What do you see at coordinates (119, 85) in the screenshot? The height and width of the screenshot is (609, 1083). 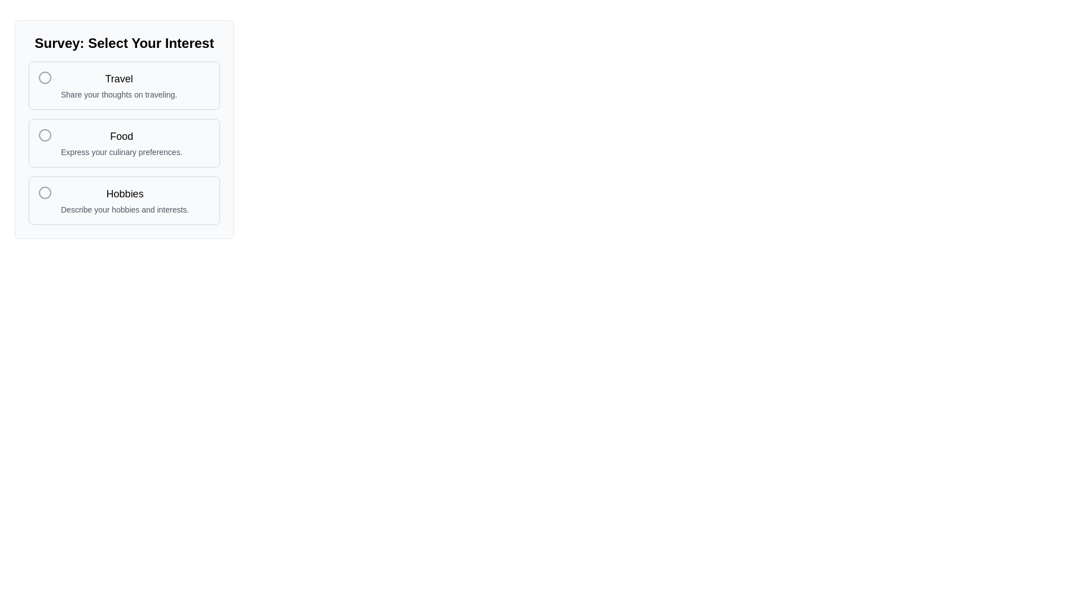 I see `the 'Travel' Text Display element, which is the first entry in a selectable item list inviting user input on the topic` at bounding box center [119, 85].